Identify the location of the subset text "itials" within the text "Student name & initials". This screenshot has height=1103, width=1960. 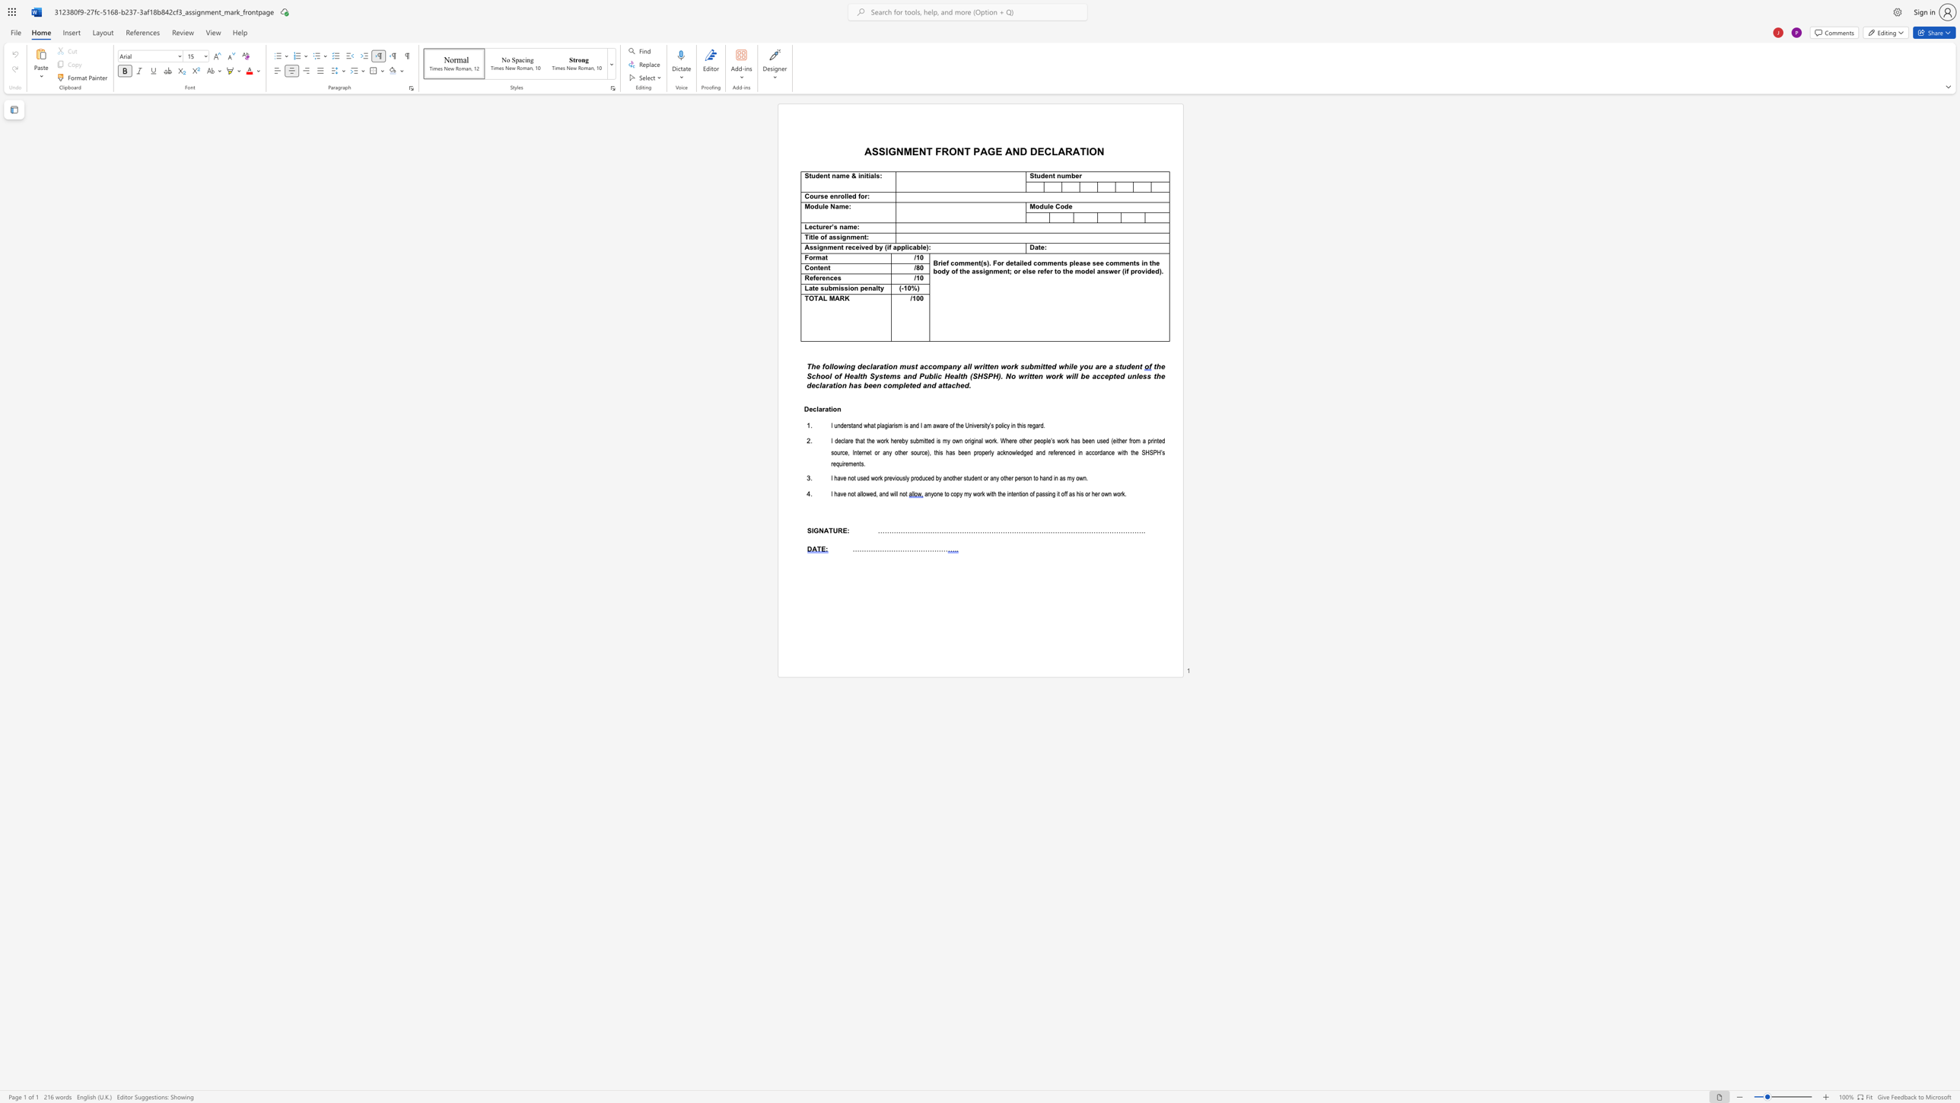
(863, 175).